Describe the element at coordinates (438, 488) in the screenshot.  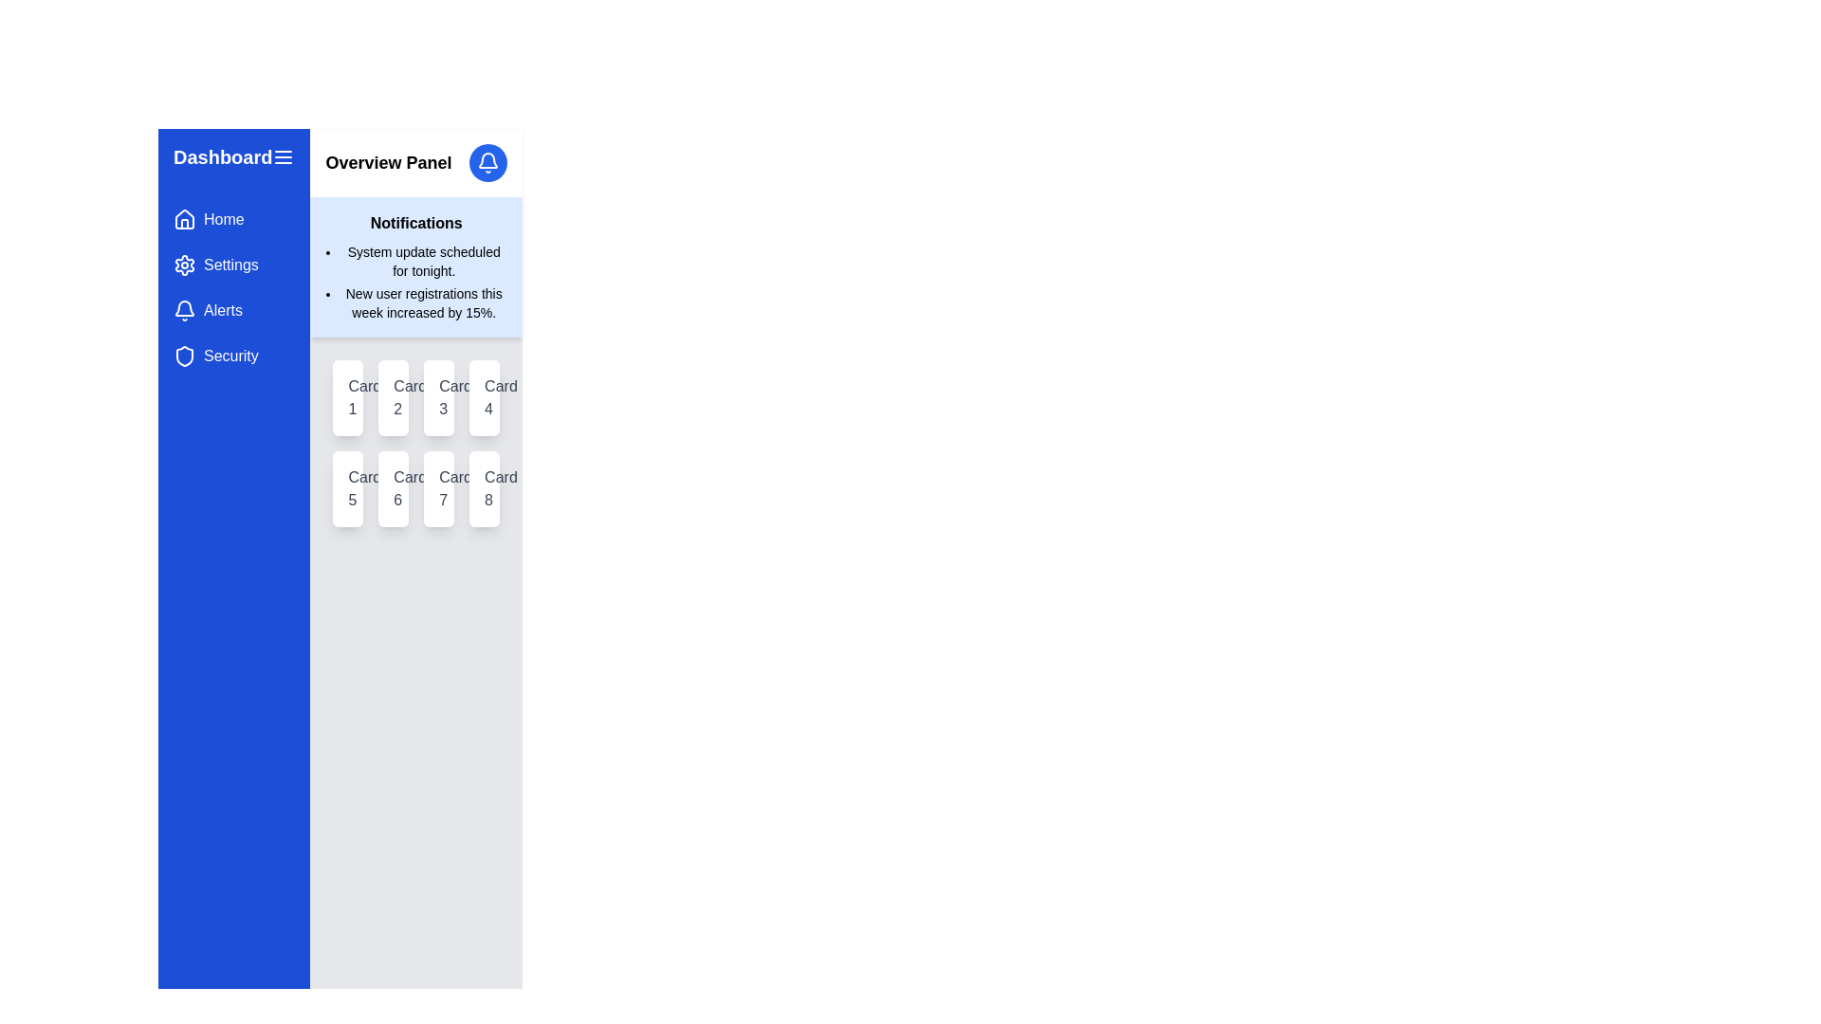
I see `the rectangular card labeled 'Card 7' with a white background and gray text, located in the second row, third column of the grid` at that location.